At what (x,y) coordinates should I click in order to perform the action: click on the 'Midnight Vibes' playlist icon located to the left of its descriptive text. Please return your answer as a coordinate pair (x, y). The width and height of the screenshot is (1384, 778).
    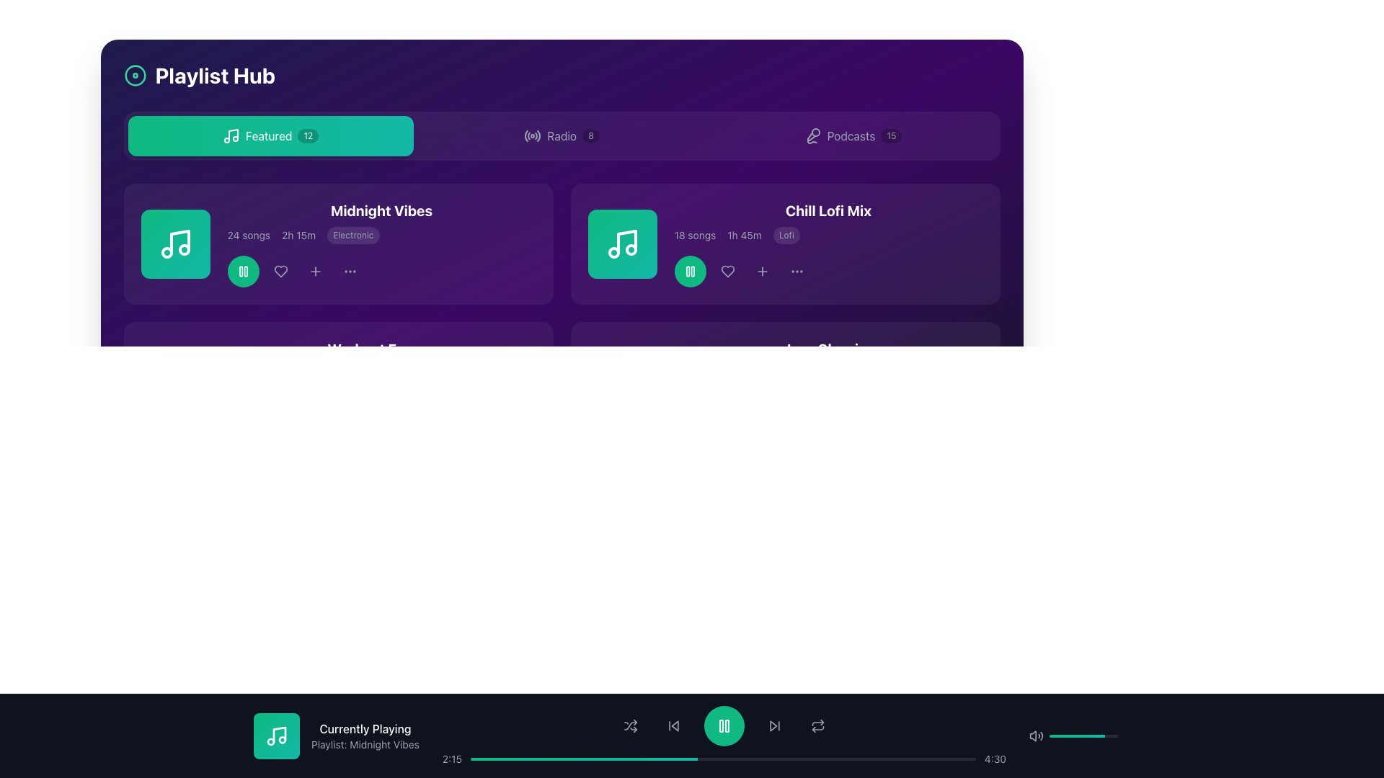
    Looking at the image, I should click on (174, 243).